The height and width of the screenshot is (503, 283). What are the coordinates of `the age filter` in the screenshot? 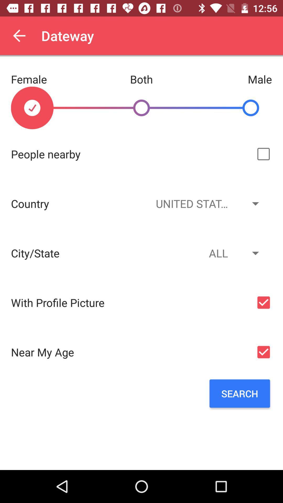 It's located at (263, 352).